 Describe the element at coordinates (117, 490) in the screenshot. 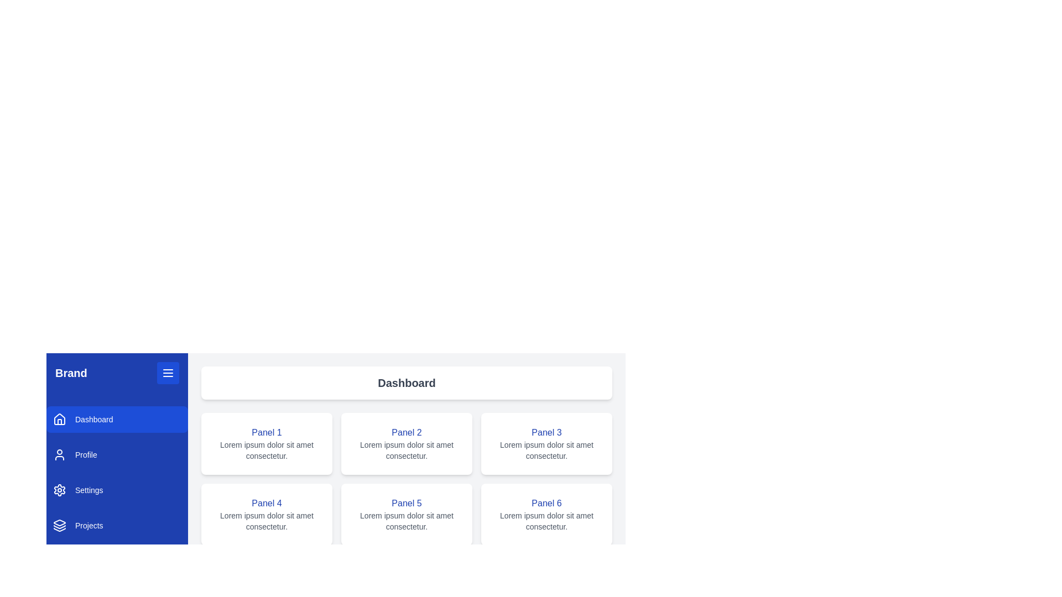

I see `the 'Settings' menu item, which is the third item in the vertical blue sidebar` at that location.